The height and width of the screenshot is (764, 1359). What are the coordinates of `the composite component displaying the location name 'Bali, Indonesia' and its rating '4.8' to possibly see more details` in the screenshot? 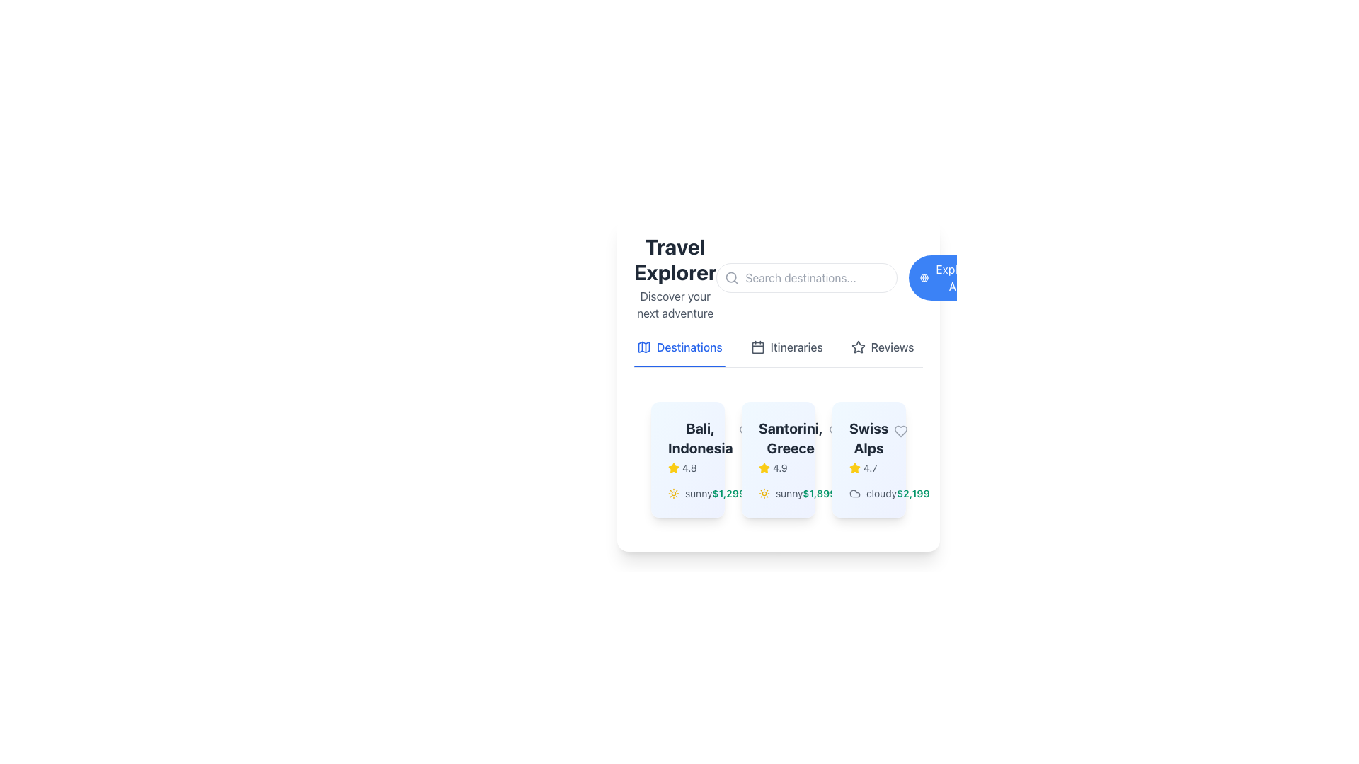 It's located at (700, 447).